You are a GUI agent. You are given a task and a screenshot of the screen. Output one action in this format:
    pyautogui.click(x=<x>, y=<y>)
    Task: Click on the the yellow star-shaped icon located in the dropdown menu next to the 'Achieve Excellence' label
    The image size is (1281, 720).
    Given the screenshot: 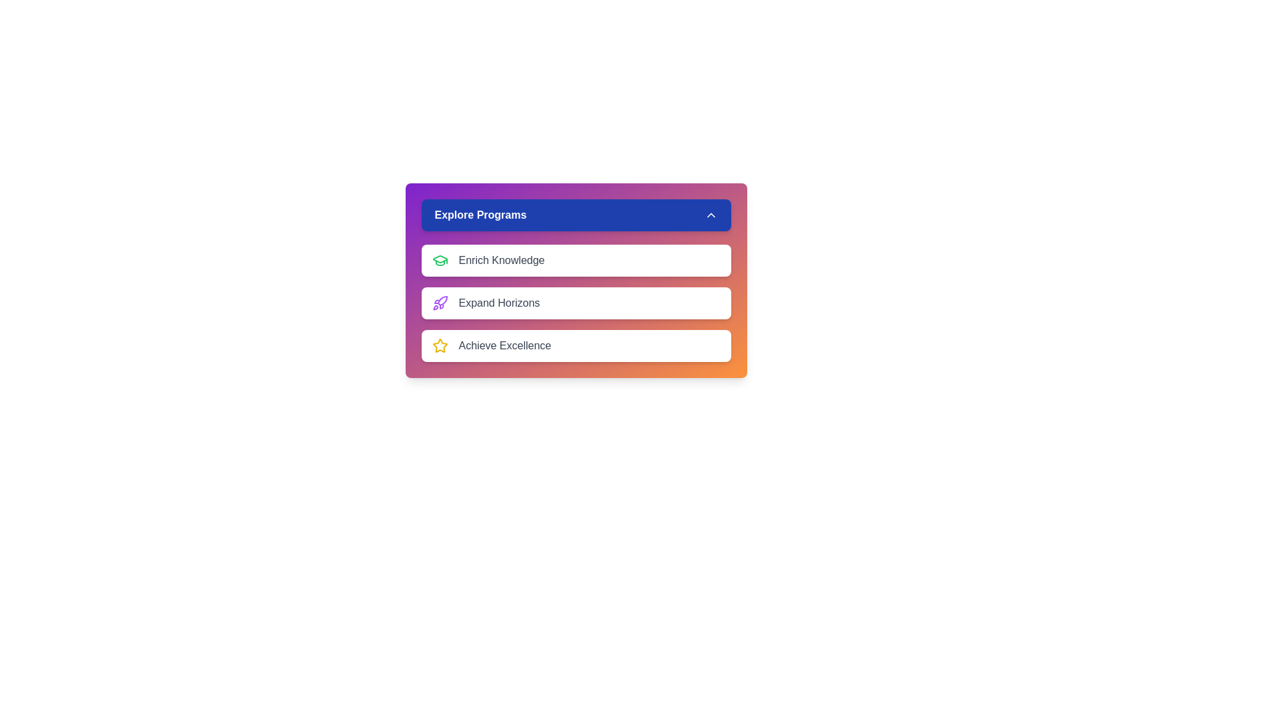 What is the action you would take?
    pyautogui.click(x=440, y=345)
    